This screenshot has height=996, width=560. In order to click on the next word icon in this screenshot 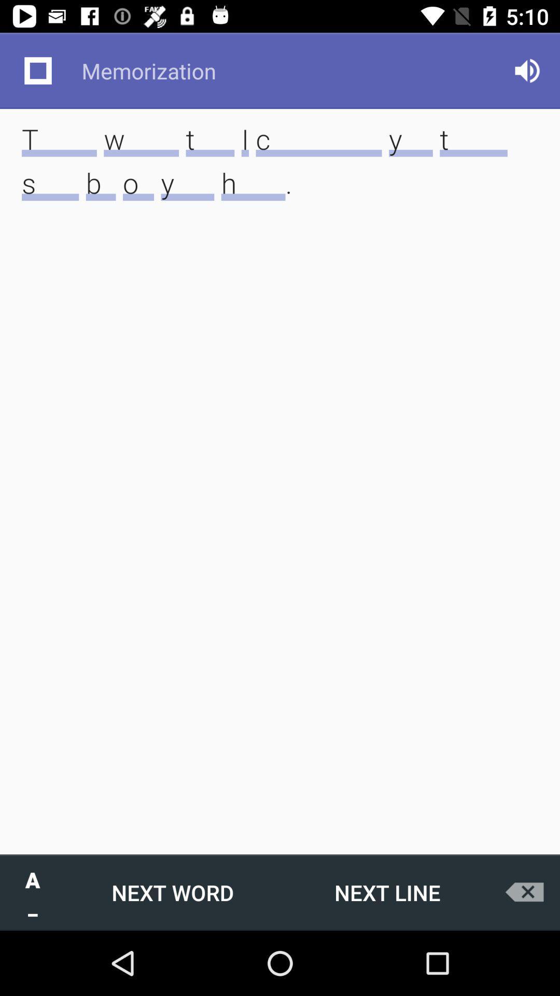, I will do `click(172, 892)`.